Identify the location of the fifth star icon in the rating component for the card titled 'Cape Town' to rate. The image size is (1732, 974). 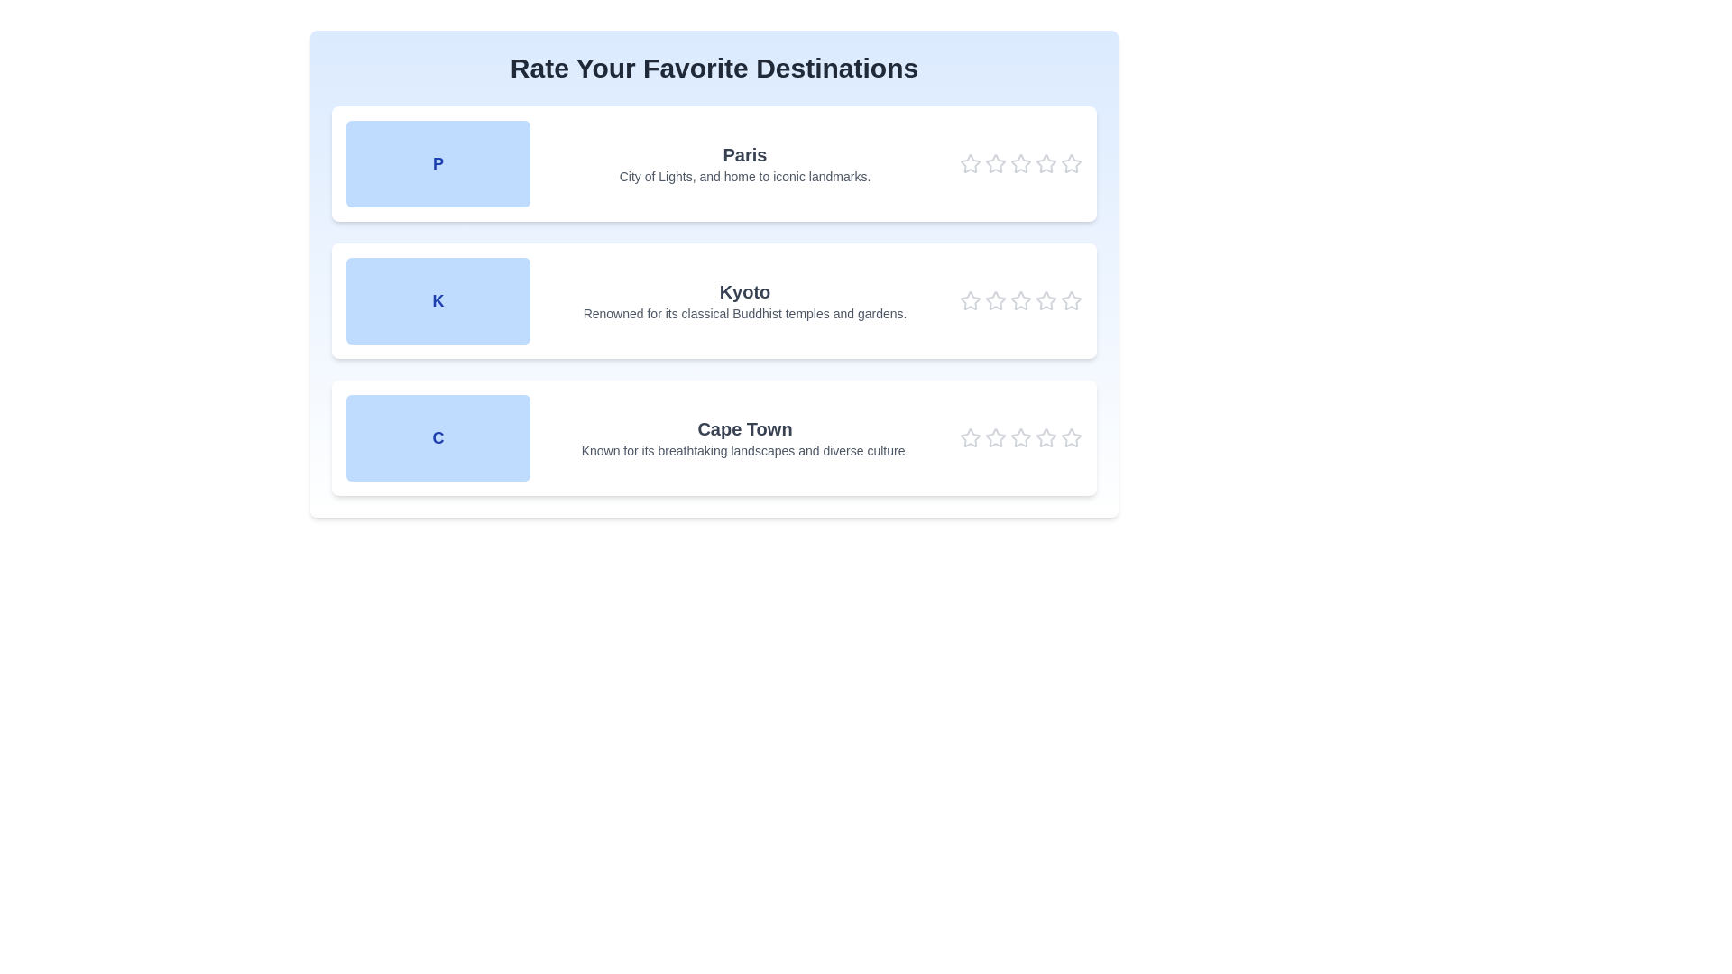
(994, 437).